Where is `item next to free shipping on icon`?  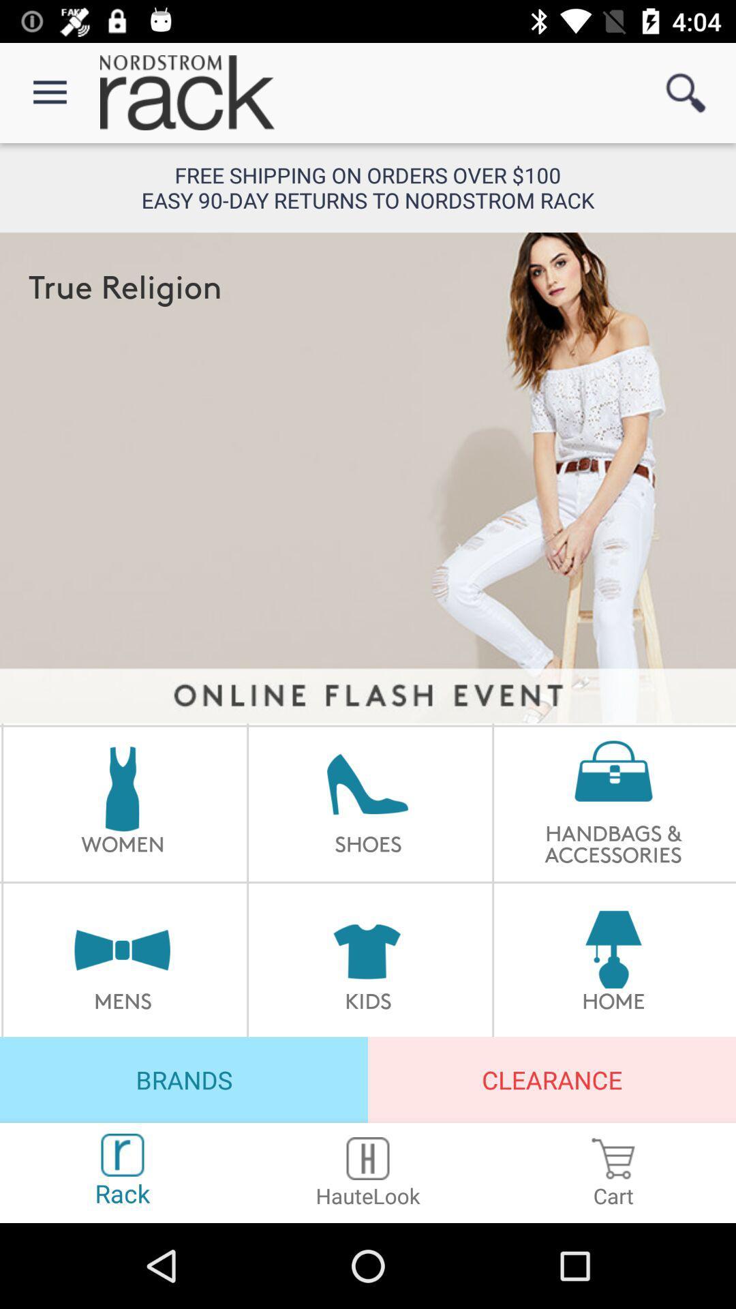 item next to free shipping on icon is located at coordinates (686, 92).